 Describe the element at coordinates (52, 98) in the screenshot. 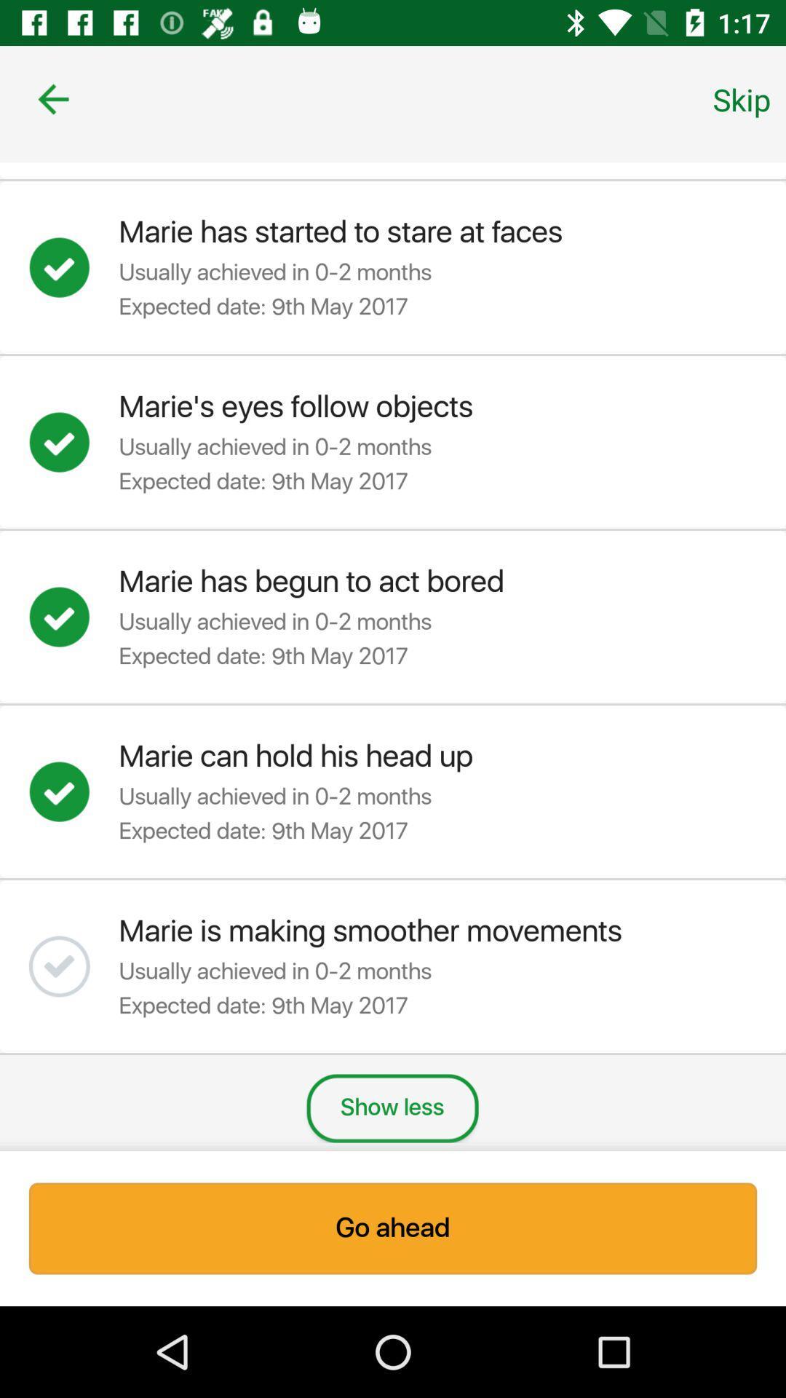

I see `previous` at that location.